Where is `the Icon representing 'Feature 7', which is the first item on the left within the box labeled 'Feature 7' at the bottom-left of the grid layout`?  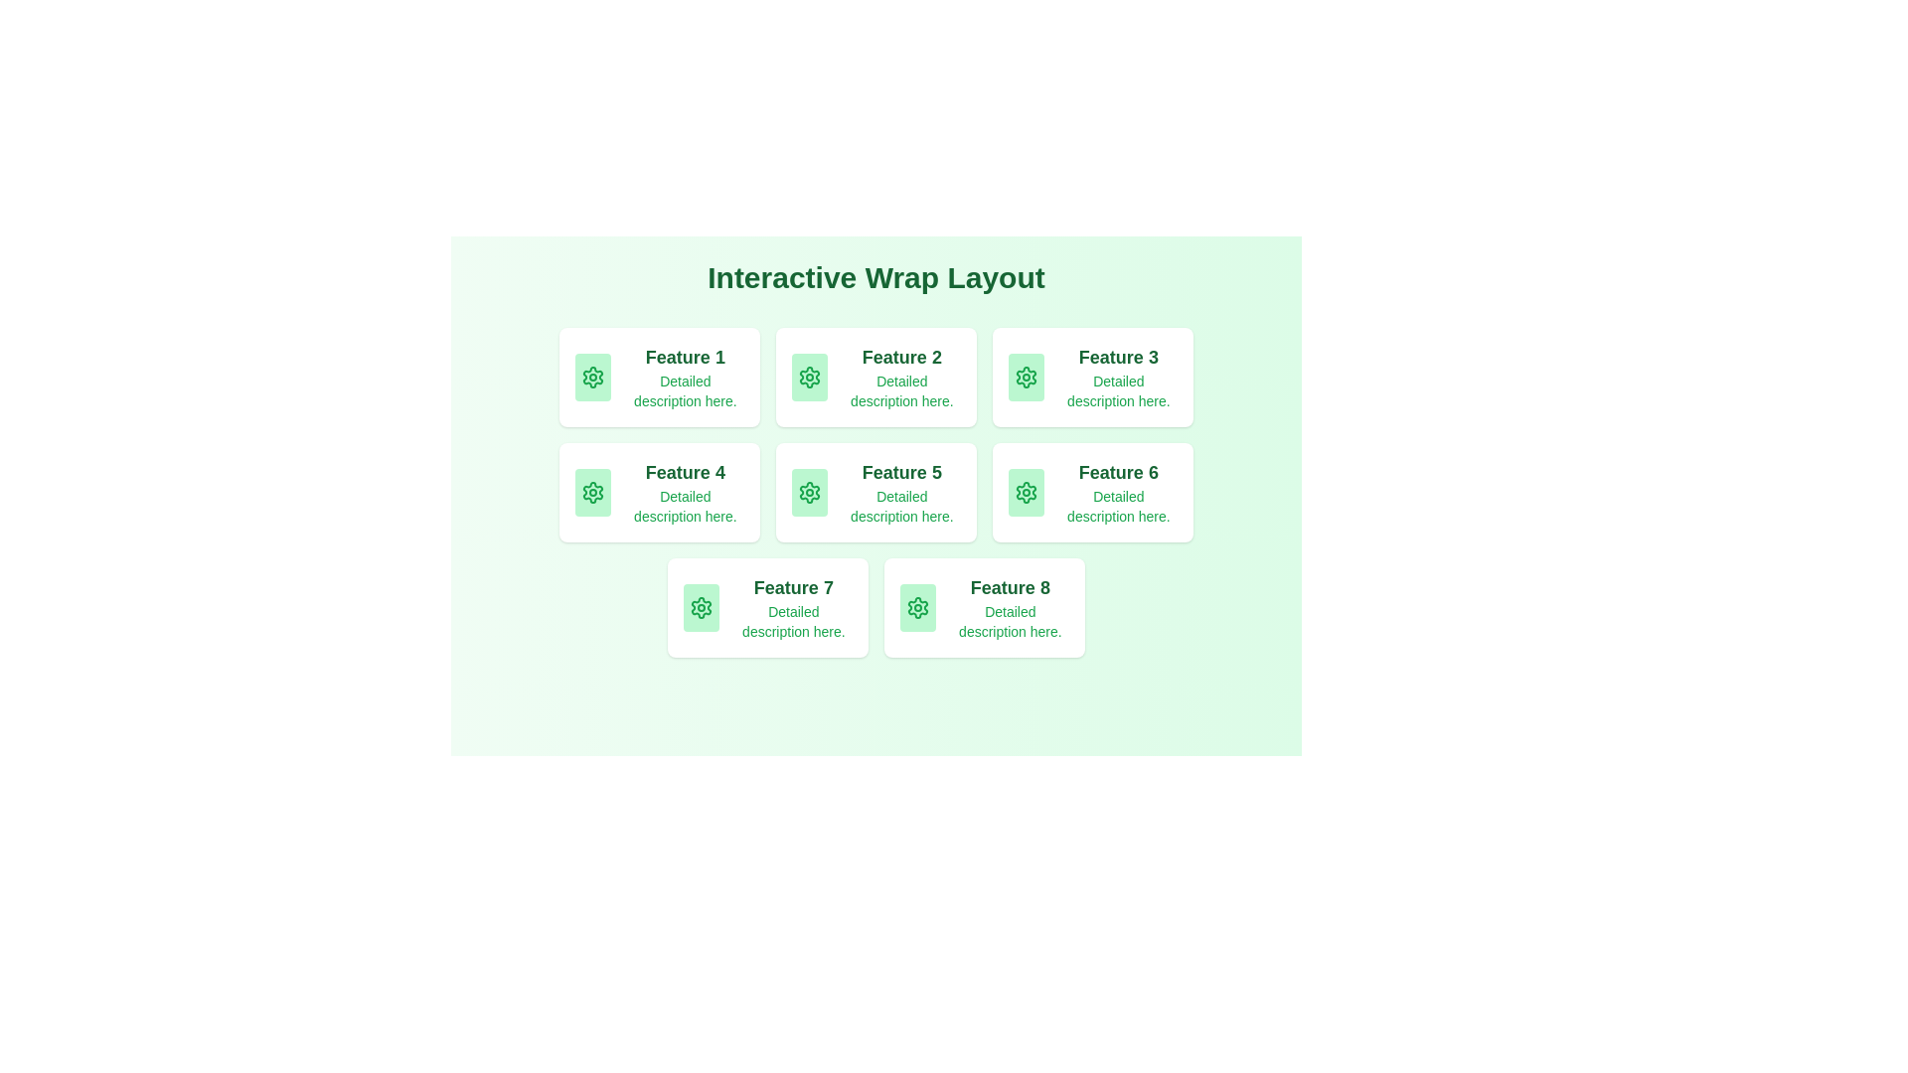 the Icon representing 'Feature 7', which is the first item on the left within the box labeled 'Feature 7' at the bottom-left of the grid layout is located at coordinates (701, 607).